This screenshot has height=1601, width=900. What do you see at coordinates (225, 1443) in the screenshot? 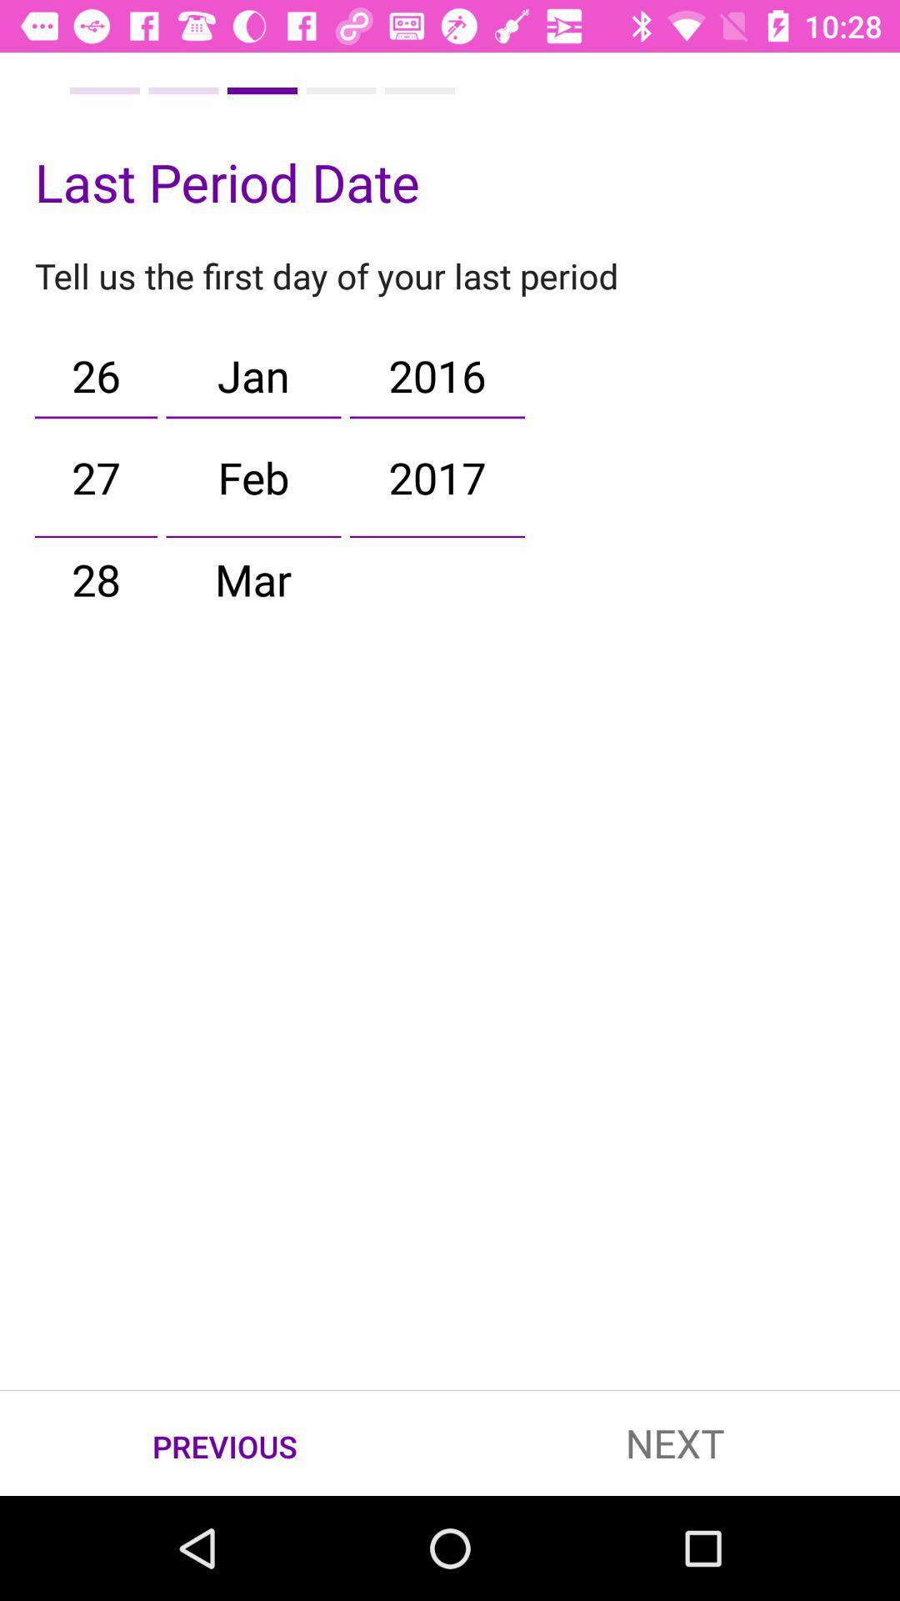
I see `icon next to next` at bounding box center [225, 1443].